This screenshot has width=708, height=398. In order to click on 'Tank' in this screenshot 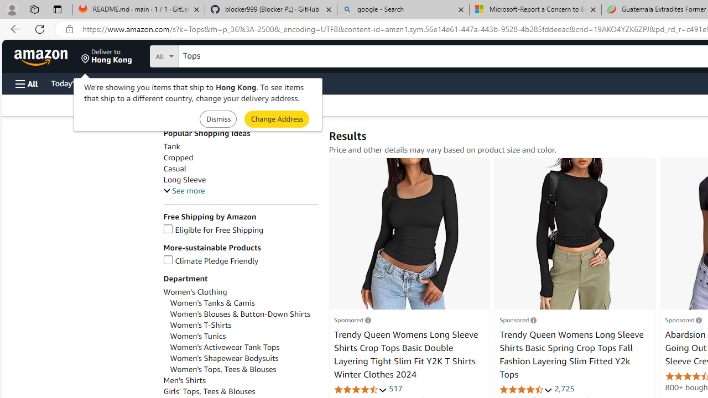, I will do `click(240, 146)`.